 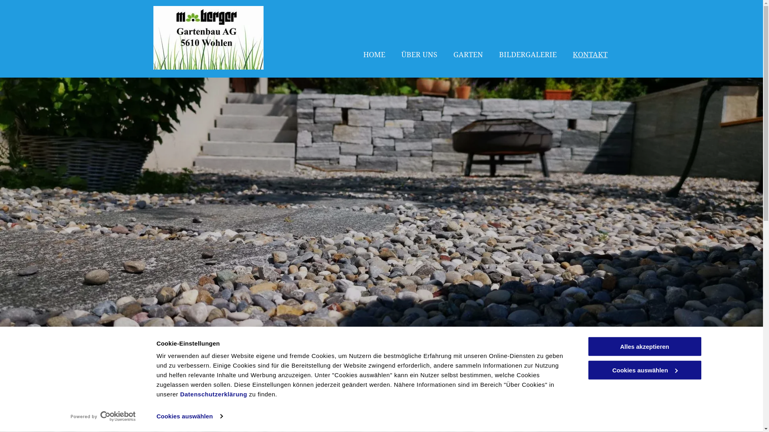 What do you see at coordinates (590, 39) in the screenshot?
I see `'KONTAKT'` at bounding box center [590, 39].